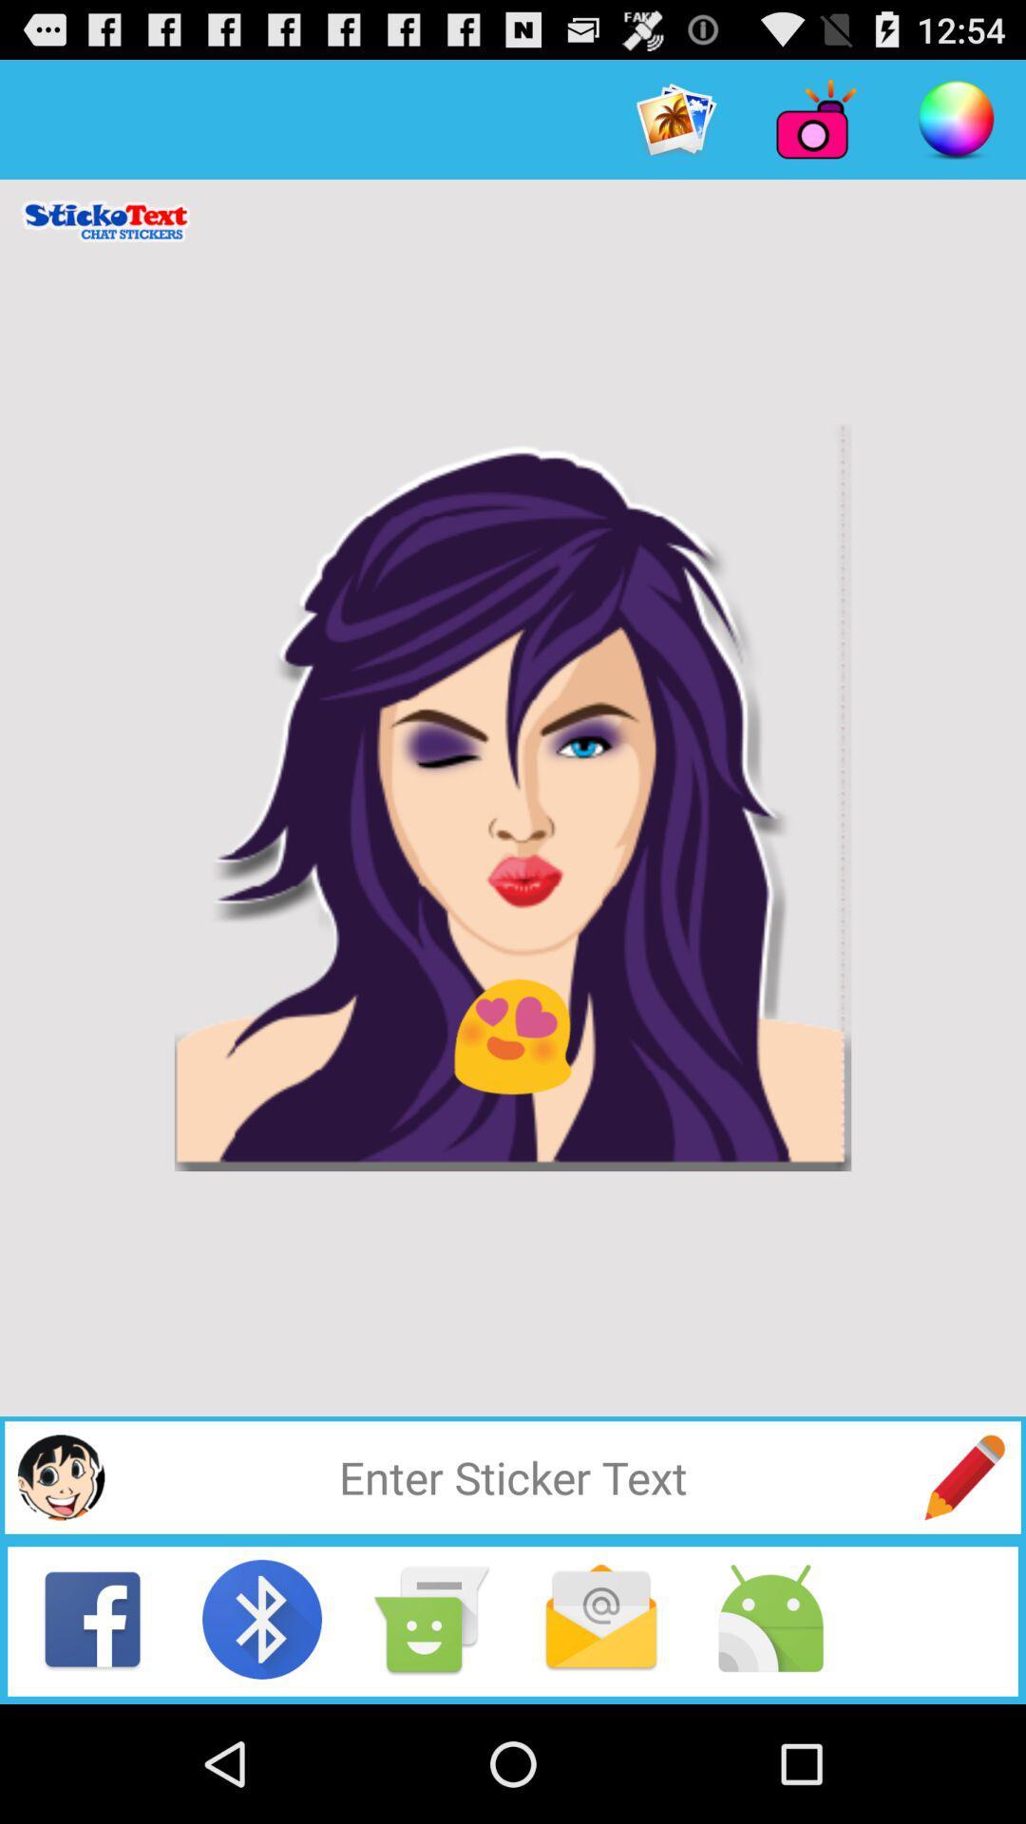 This screenshot has height=1824, width=1026. Describe the element at coordinates (60, 1476) in the screenshot. I see `stickers` at that location.